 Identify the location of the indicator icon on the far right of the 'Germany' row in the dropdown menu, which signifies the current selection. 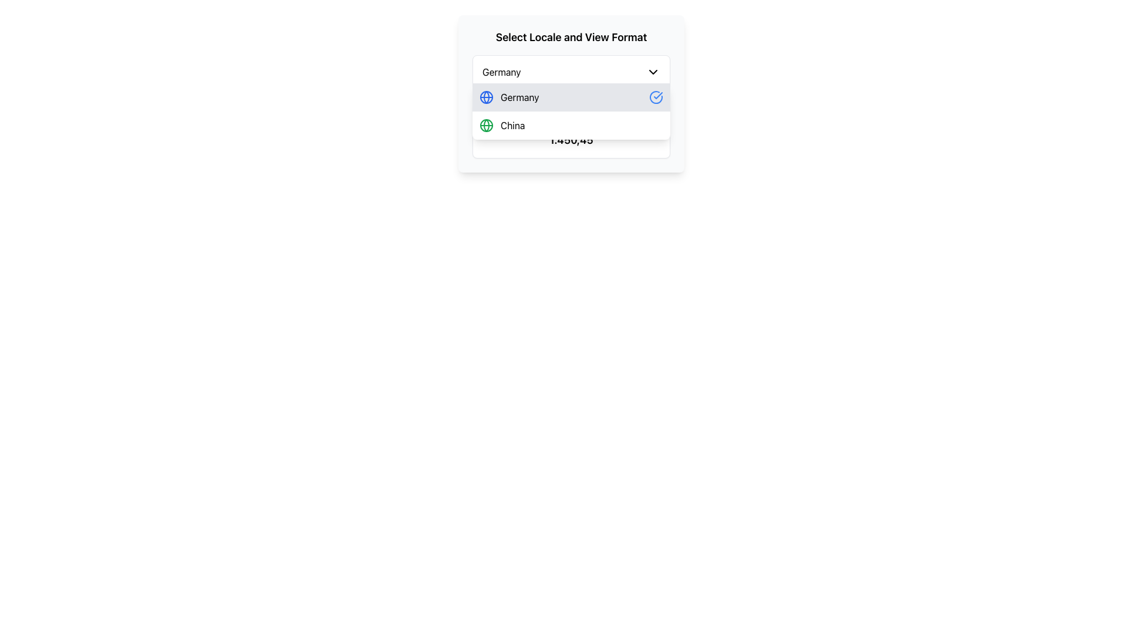
(656, 96).